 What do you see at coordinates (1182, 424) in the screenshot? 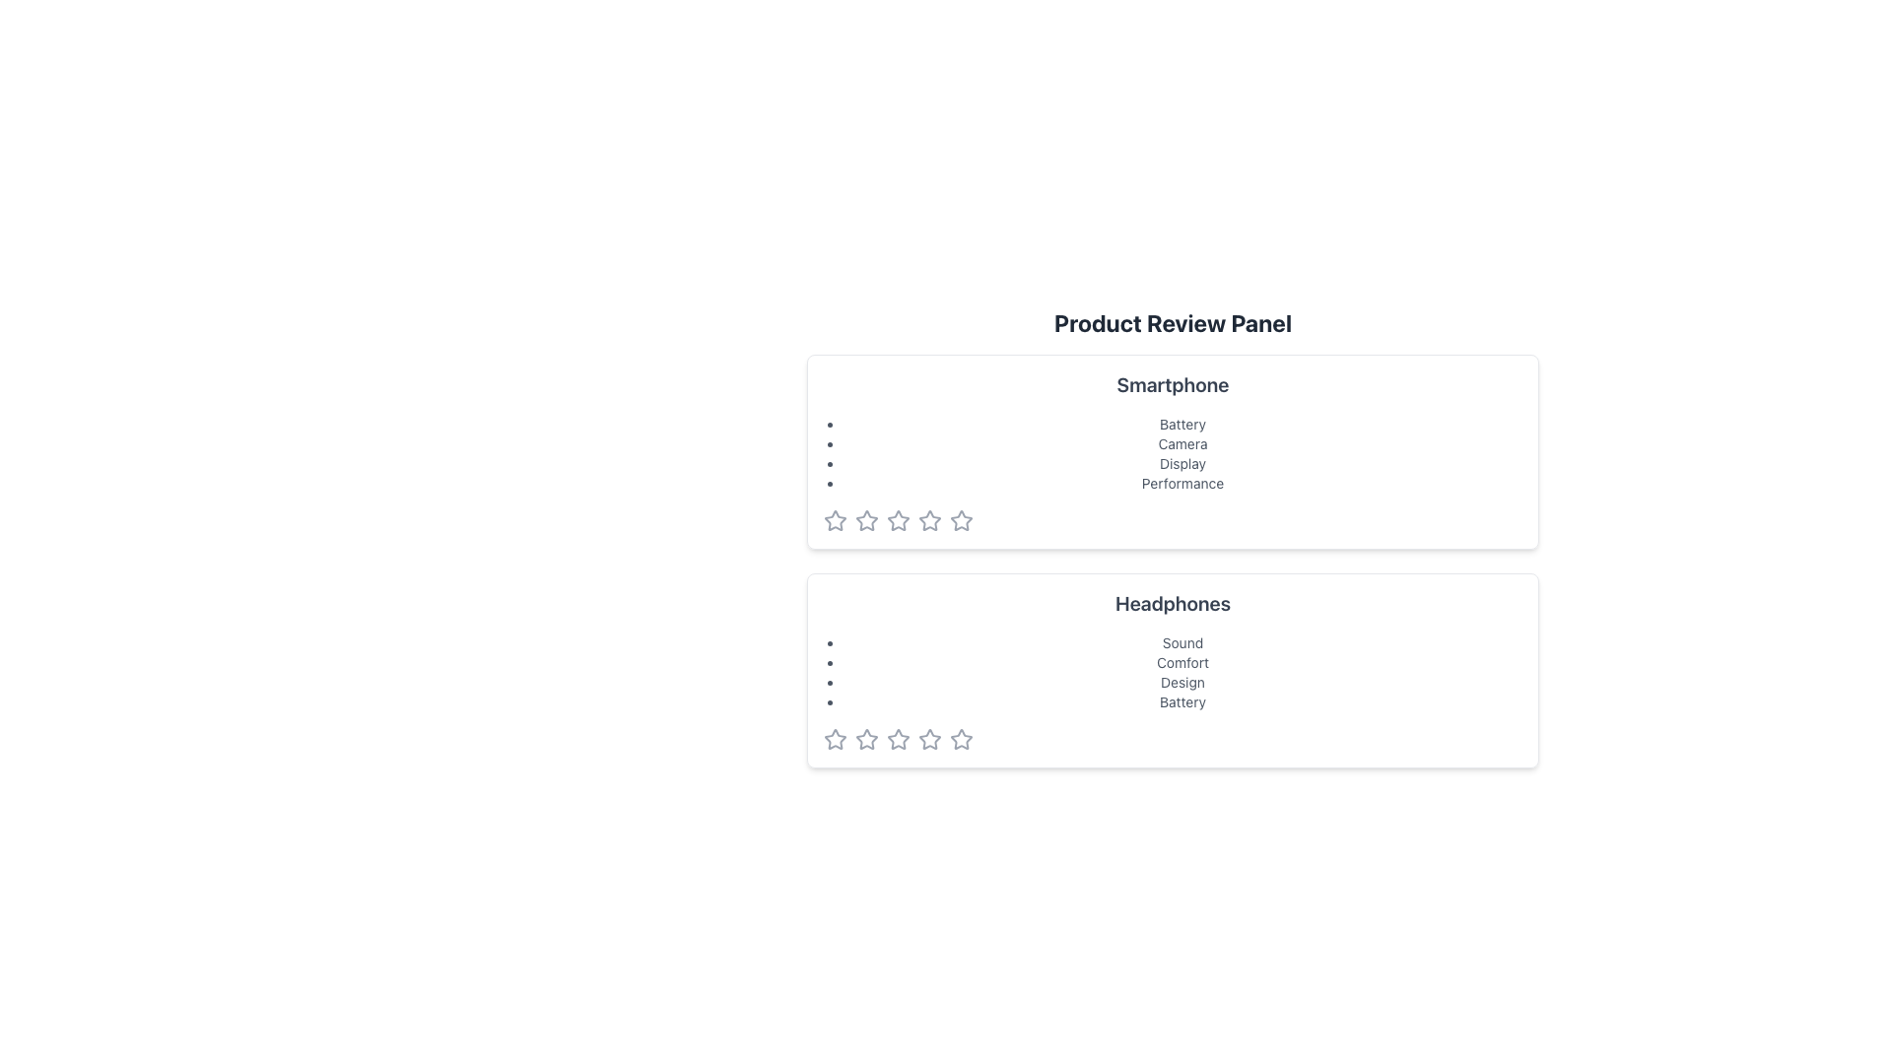
I see `the text label displaying 'Battery' in the bulleted list under the 'Smartphone' category` at bounding box center [1182, 424].